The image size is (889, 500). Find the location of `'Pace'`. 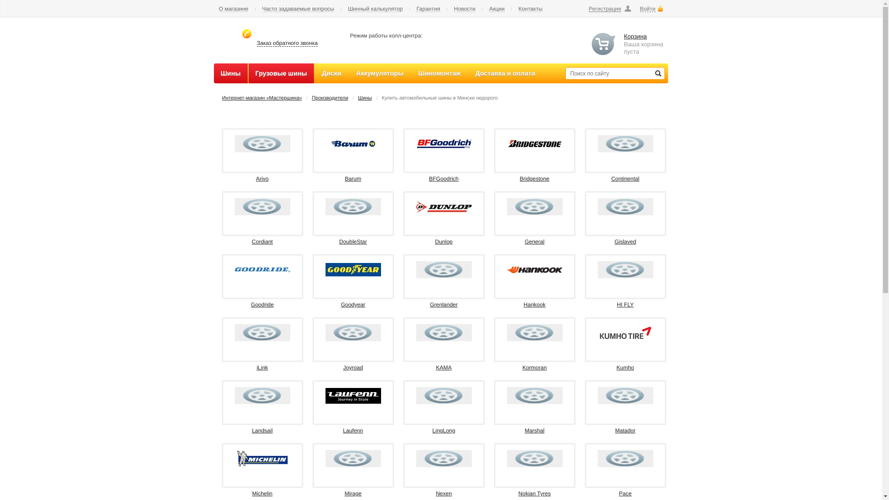

'Pace' is located at coordinates (625, 493).